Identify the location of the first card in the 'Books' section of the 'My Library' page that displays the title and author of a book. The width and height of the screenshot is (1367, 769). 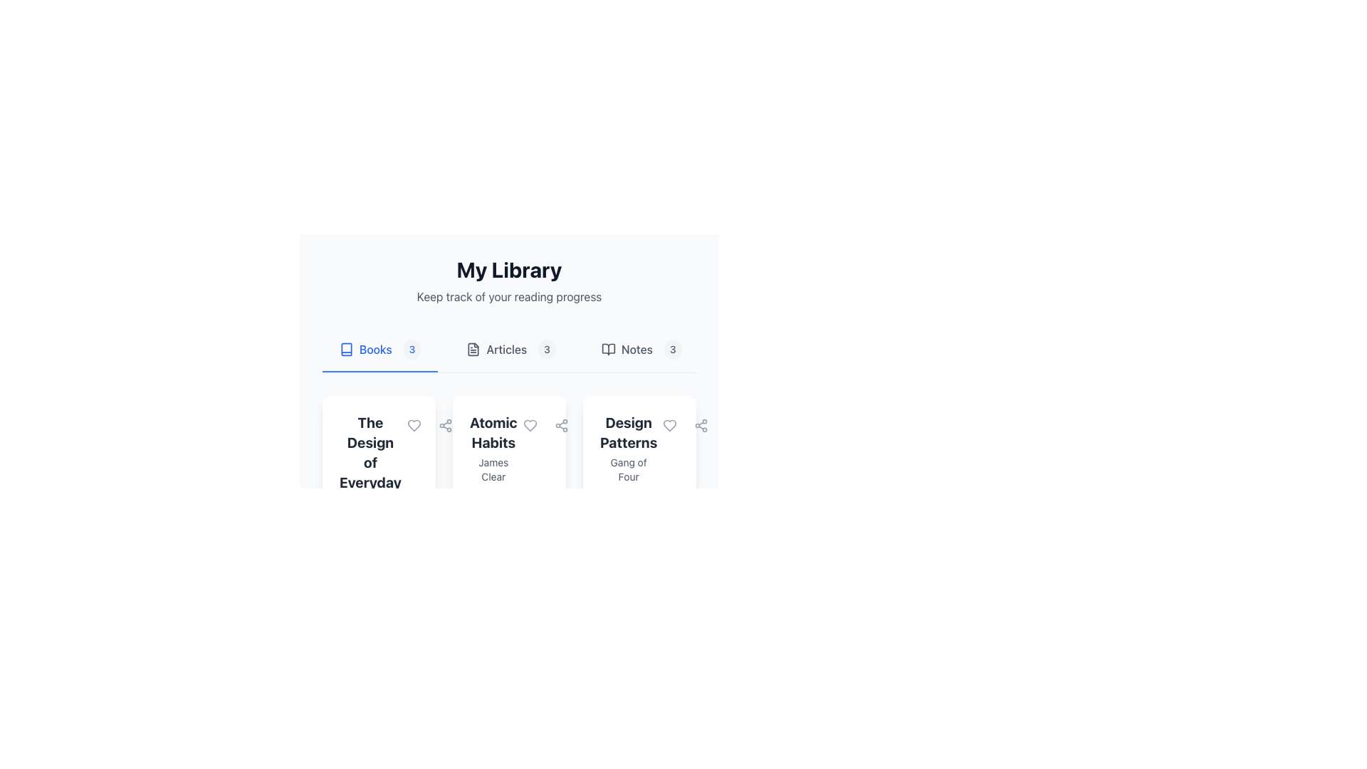
(370, 471).